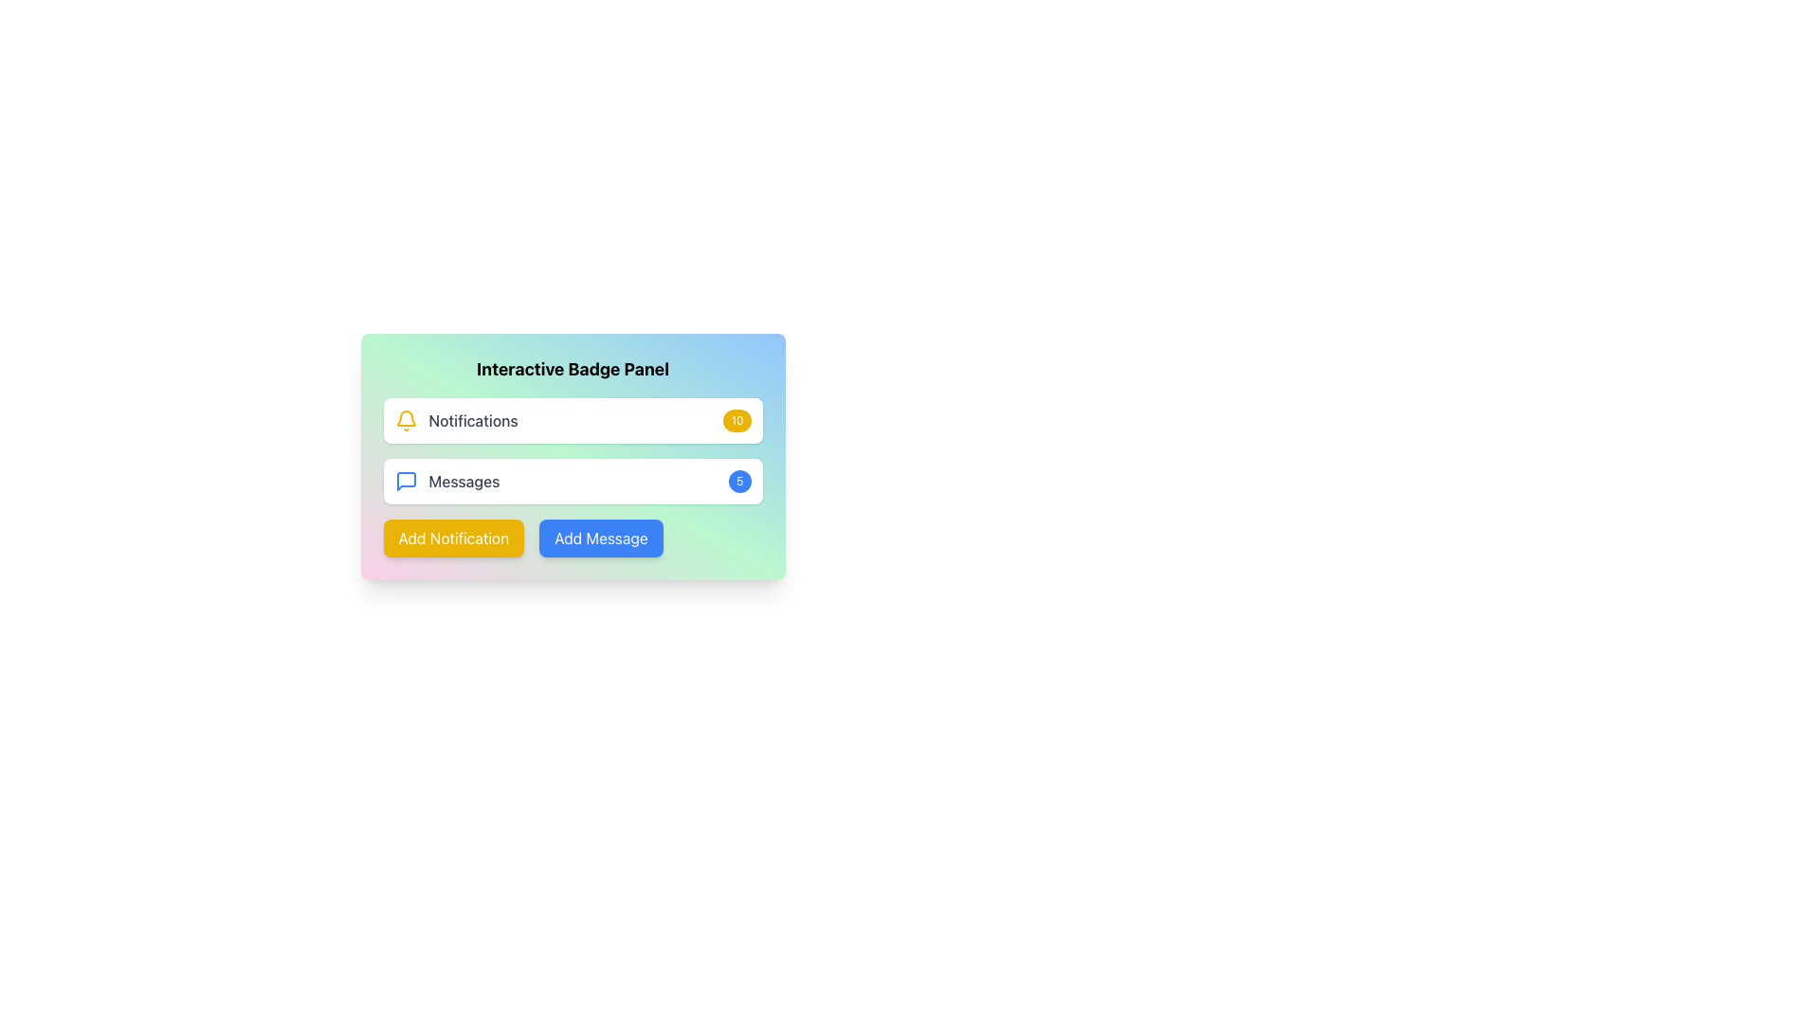 This screenshot has width=1820, height=1024. What do you see at coordinates (405, 419) in the screenshot?
I see `the notification icon located within the 'Interactive Badge Panel', adjacent to the 'Notifications' text` at bounding box center [405, 419].